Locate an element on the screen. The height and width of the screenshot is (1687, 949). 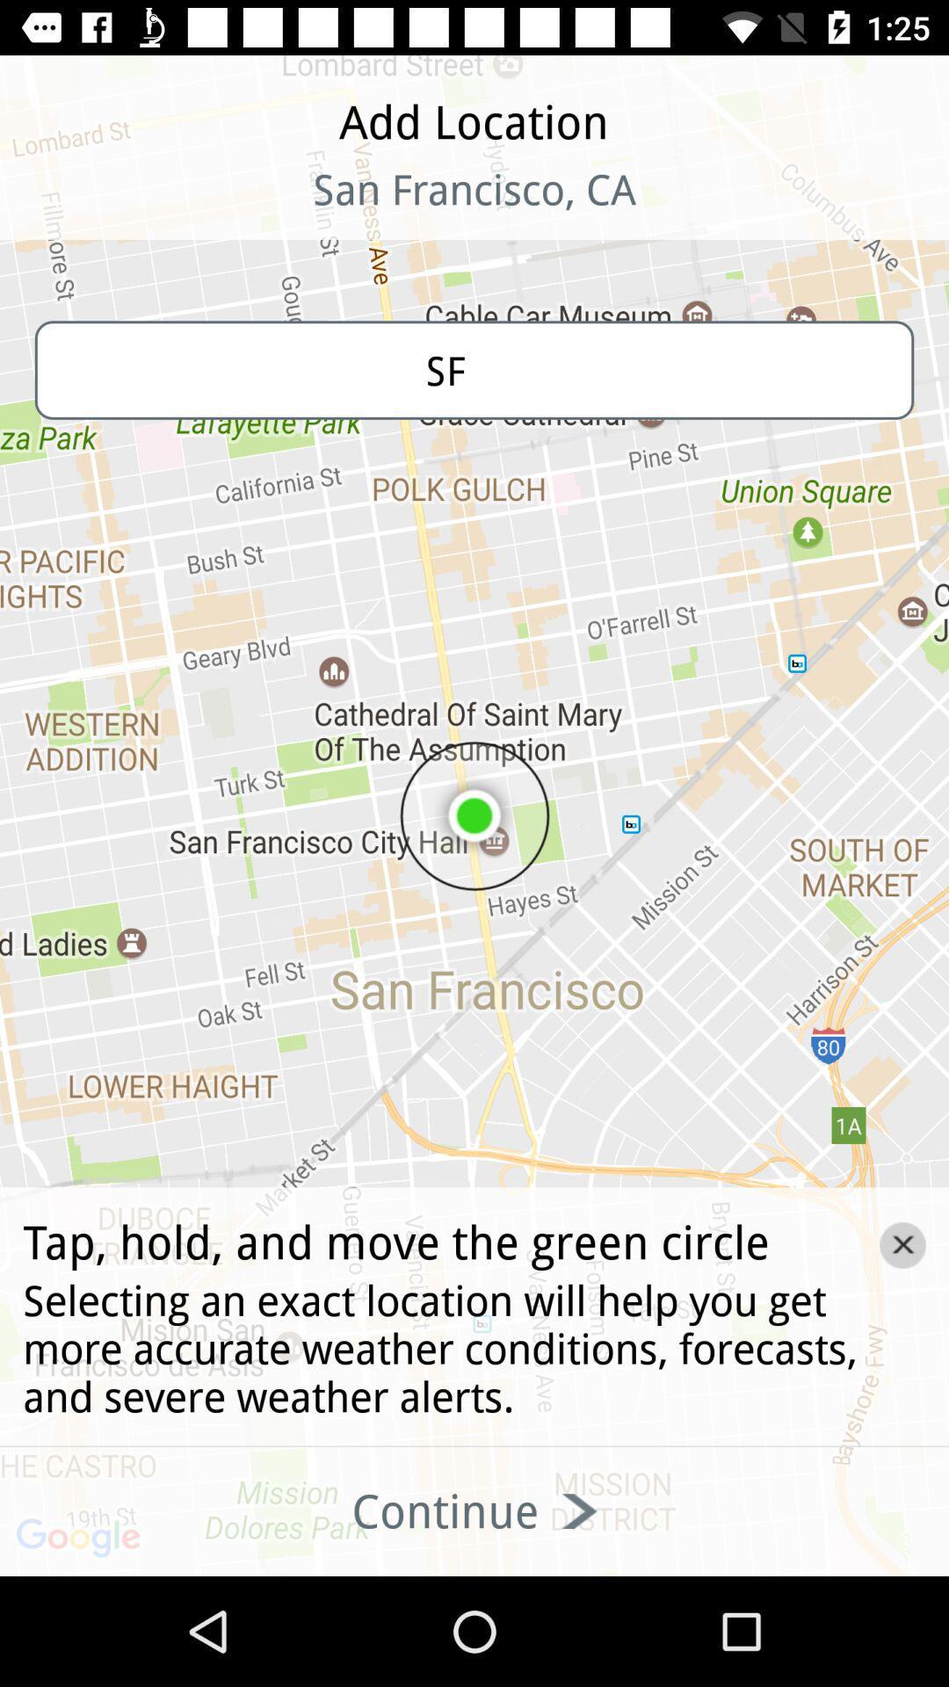
icon at the bottom right corner is located at coordinates (902, 1244).